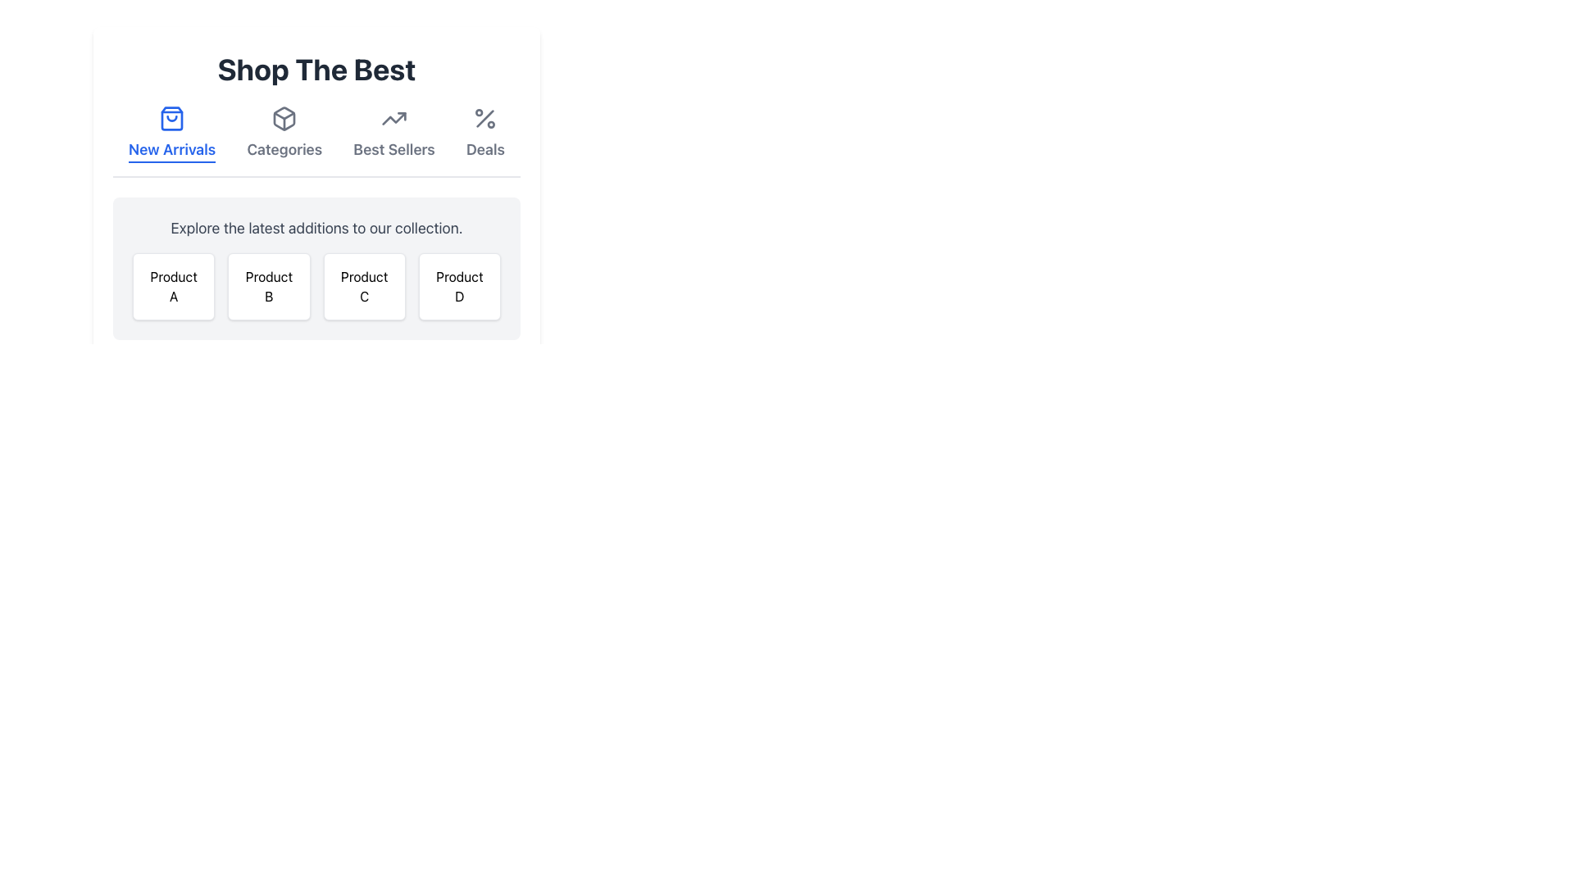 The image size is (1574, 885). I want to click on the Text label displaying 'Product D', which is the fourth item in the grid layout under the section 'Explore the latest additions to our collection.', so click(459, 286).